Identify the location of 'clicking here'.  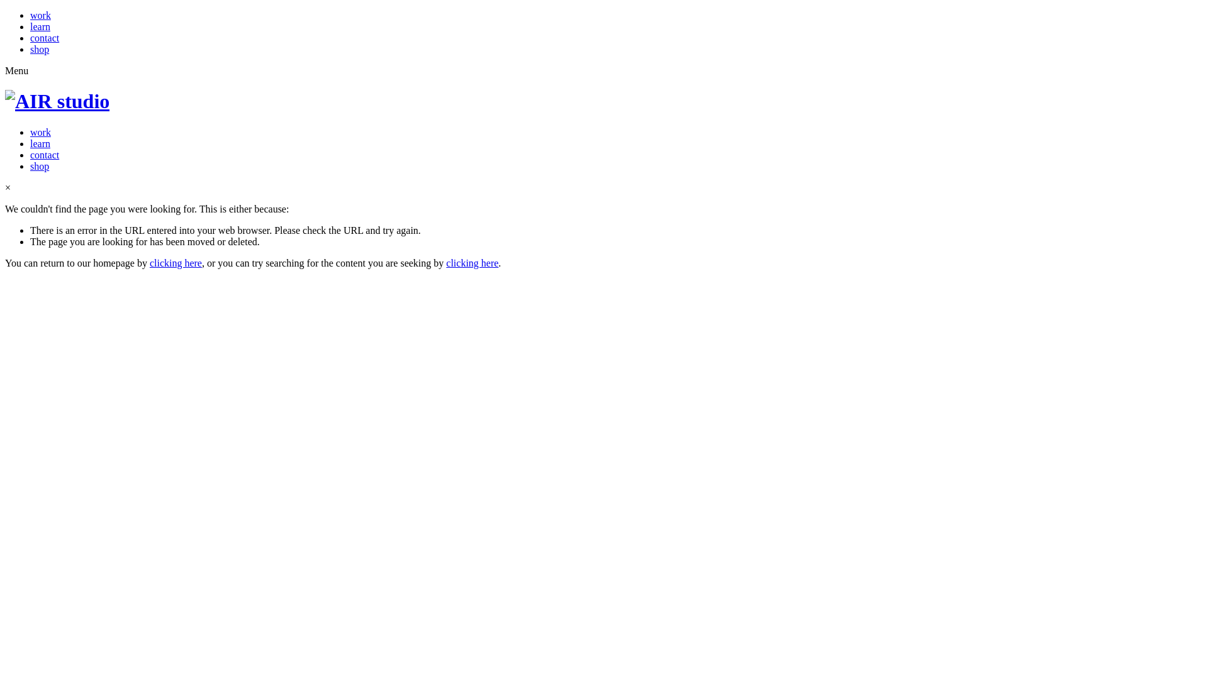
(446, 262).